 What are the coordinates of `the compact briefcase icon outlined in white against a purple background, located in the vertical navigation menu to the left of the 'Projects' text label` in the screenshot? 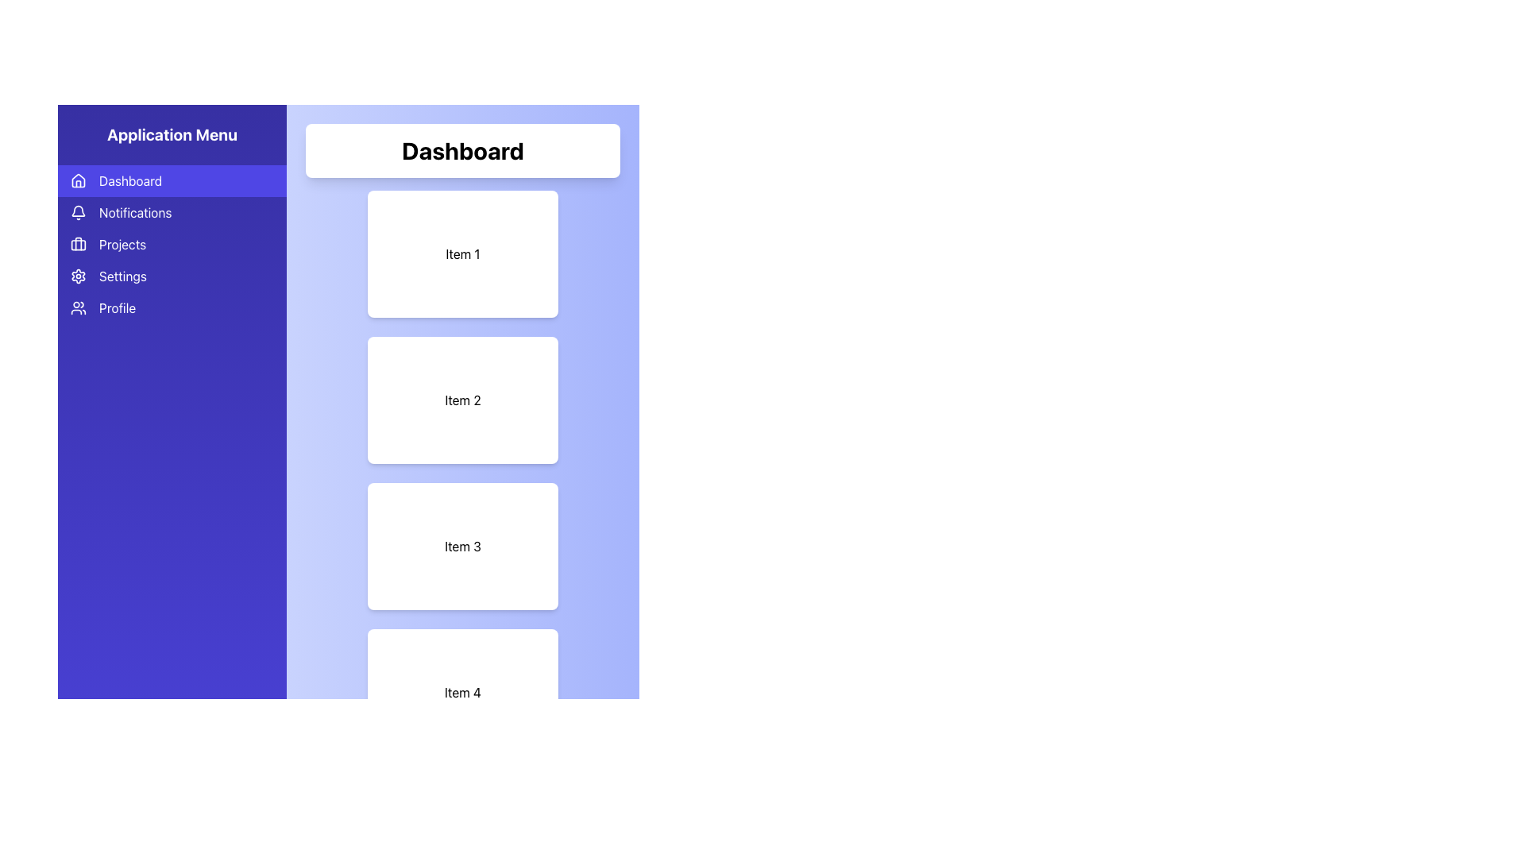 It's located at (78, 245).